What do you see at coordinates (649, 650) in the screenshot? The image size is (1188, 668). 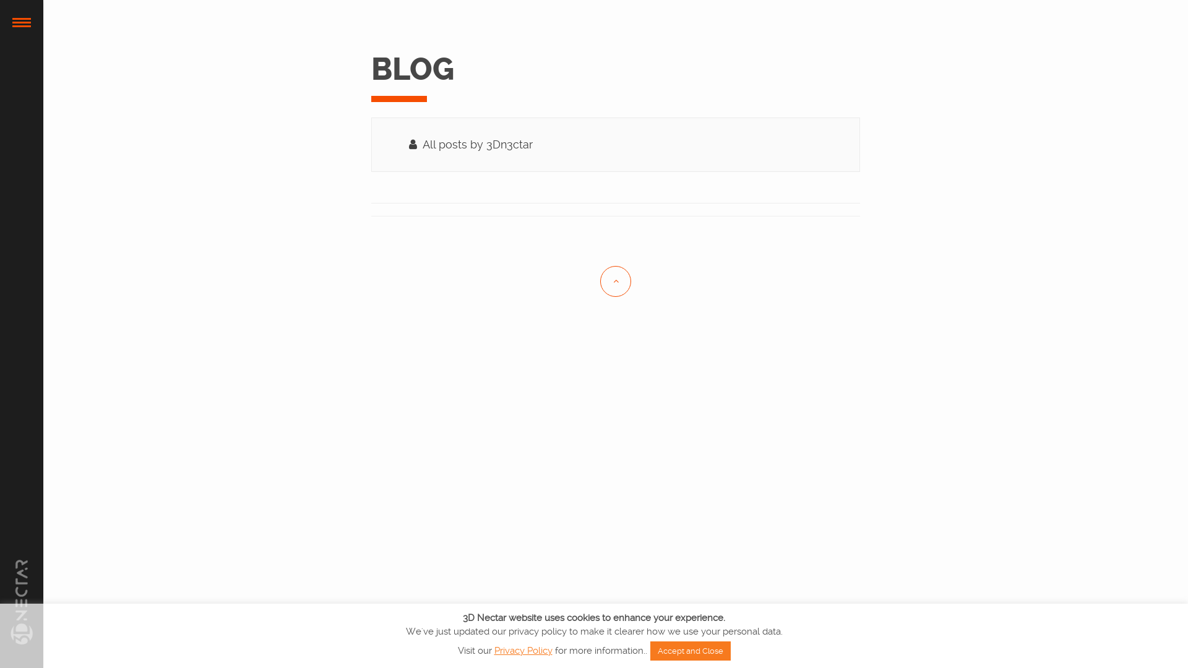 I see `'Accept and Close'` at bounding box center [649, 650].